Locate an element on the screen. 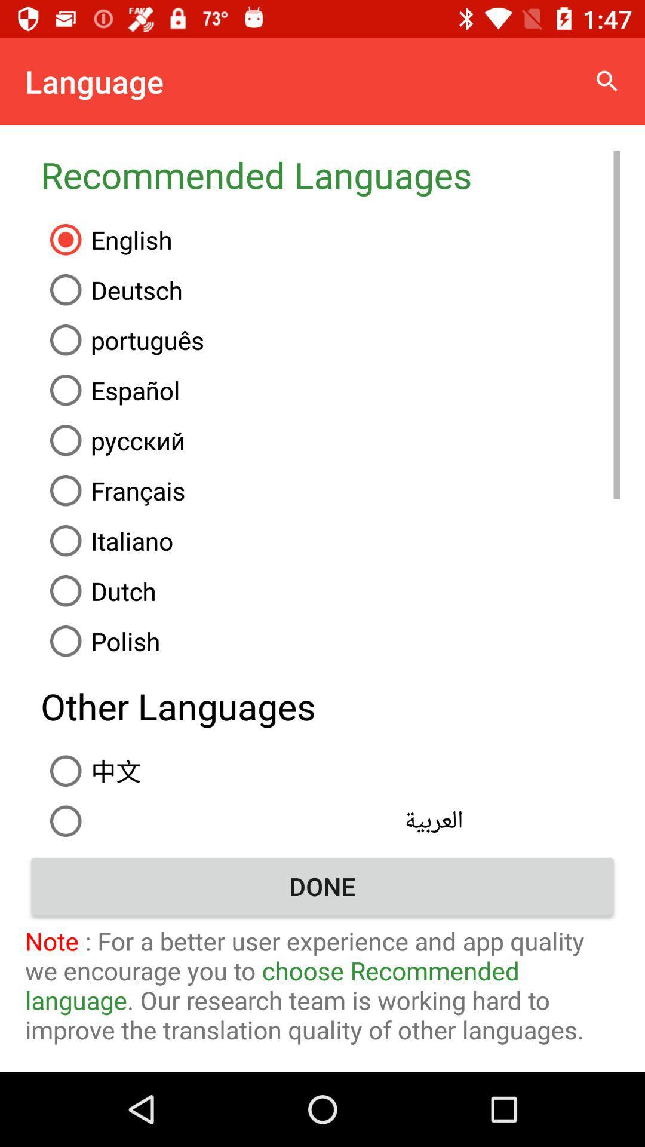 The height and width of the screenshot is (1147, 645). done item is located at coordinates (322, 886).